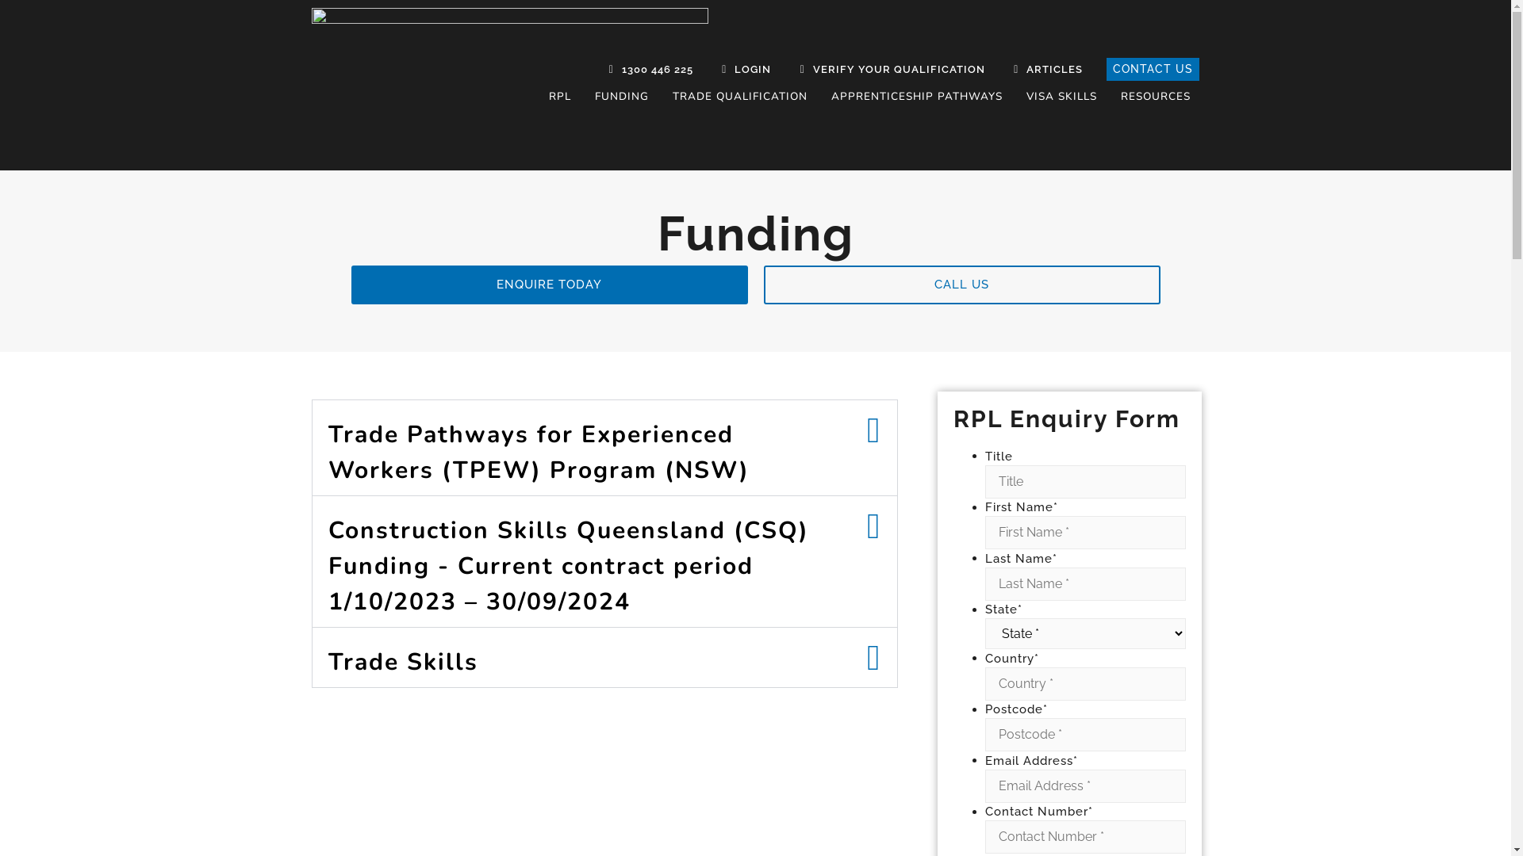 The image size is (1523, 856). I want to click on 'CALL US', so click(961, 284).